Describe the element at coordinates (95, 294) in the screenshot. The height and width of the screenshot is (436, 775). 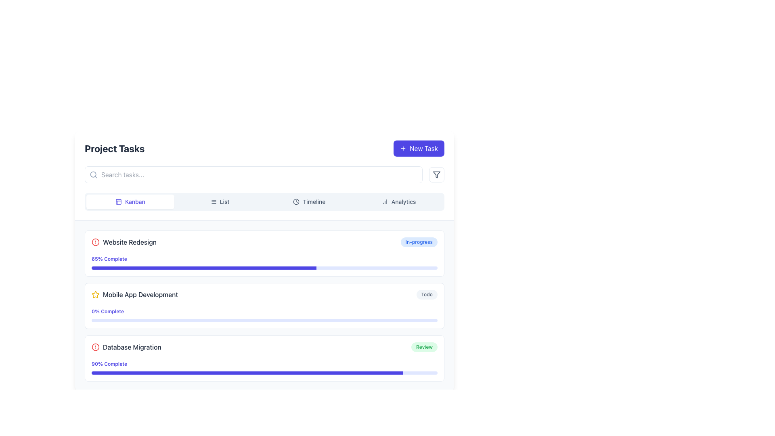
I see `the star icon with a gold outline, located to the left of the text 'Mobile App Development', to possibly reveal additional information` at that location.